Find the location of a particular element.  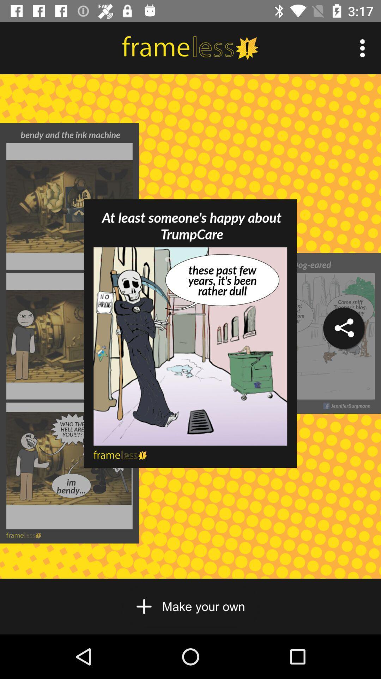

make your own image is located at coordinates (190, 606).